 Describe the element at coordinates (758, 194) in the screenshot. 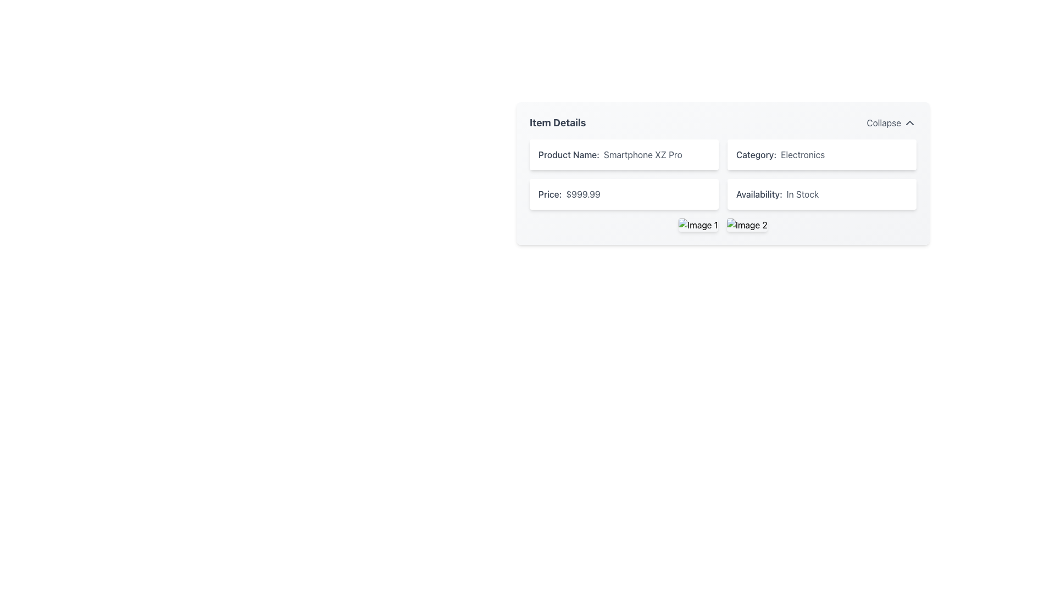

I see `the text label reading 'Availability:' which is styled with medium-weight gray font and is located on the right side of the 'Item Details' section` at that location.